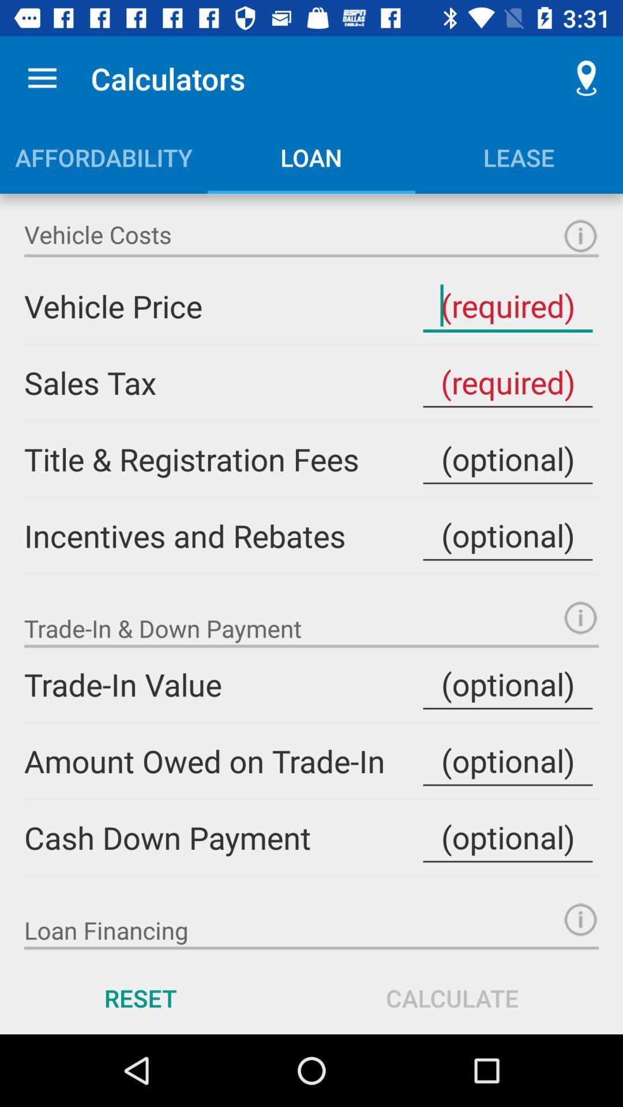 The image size is (623, 1107). I want to click on inventives and rebates, so click(507, 535).